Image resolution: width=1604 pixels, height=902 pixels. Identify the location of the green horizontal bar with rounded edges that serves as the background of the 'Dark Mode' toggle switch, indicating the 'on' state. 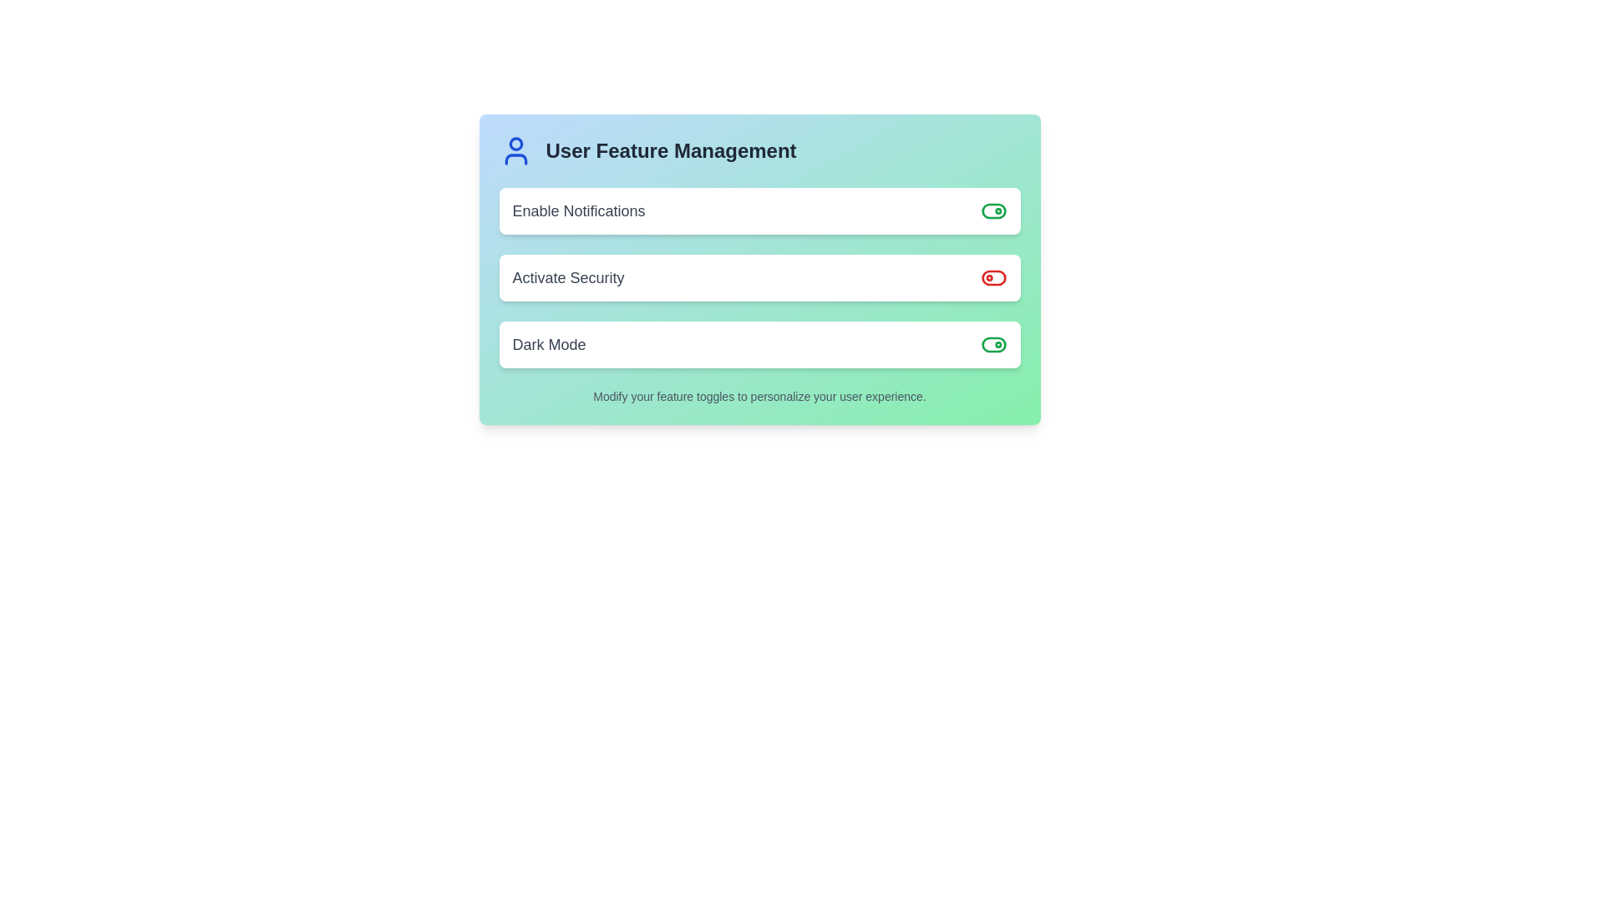
(993, 343).